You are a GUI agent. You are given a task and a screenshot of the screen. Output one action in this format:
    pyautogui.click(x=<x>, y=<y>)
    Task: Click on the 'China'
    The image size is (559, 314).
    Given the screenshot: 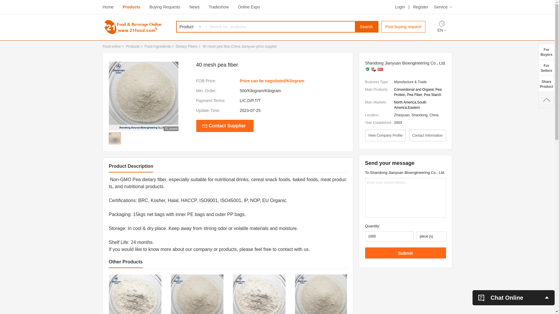 What is the action you would take?
    pyautogui.click(x=380, y=69)
    